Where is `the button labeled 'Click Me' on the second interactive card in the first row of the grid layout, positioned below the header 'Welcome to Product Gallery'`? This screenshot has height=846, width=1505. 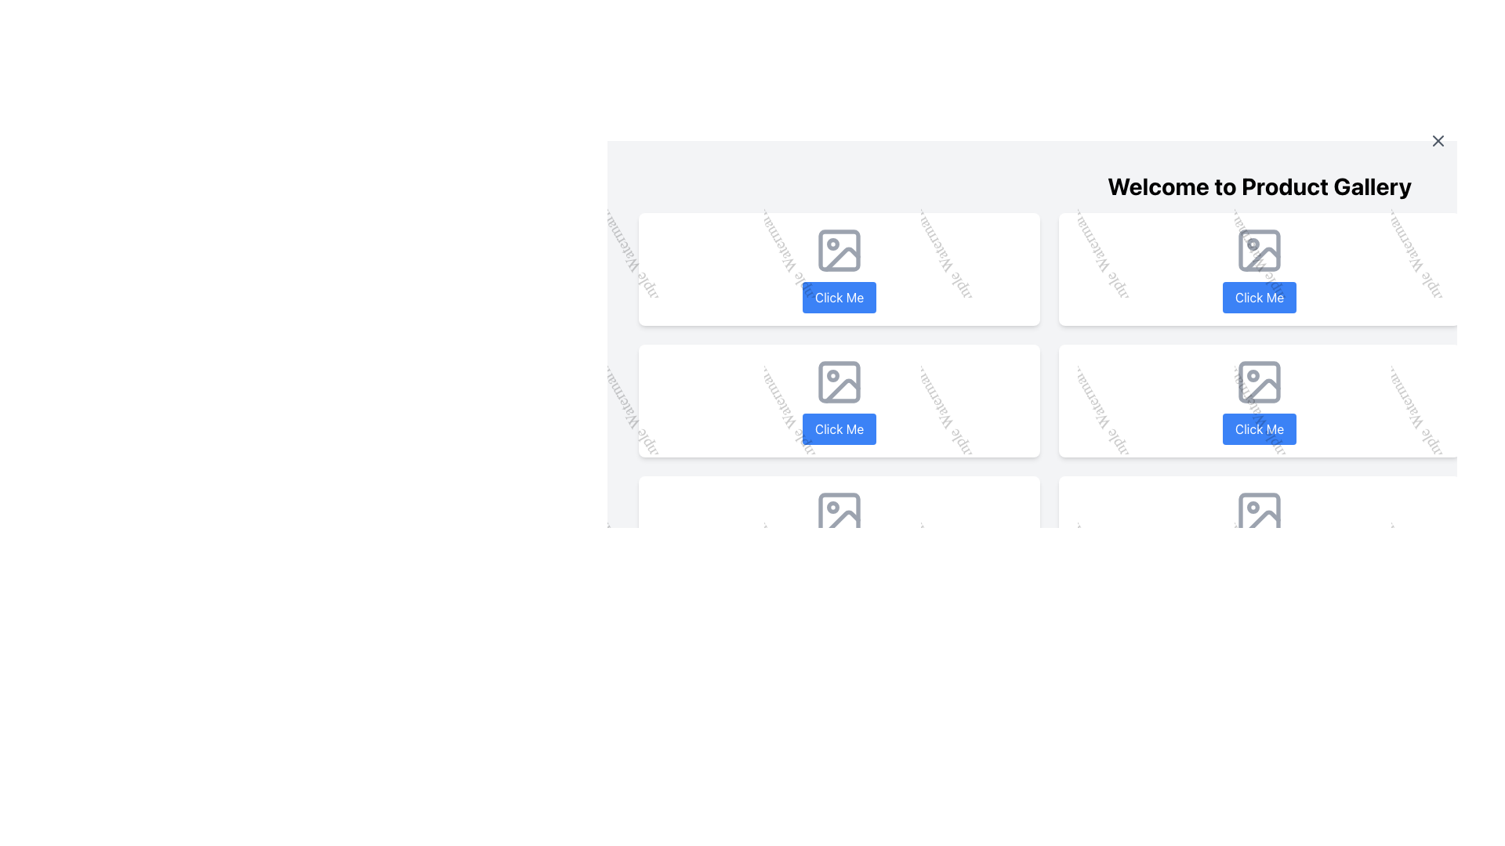
the button labeled 'Click Me' on the second interactive card in the first row of the grid layout, positioned below the header 'Welcome to Product Gallery' is located at coordinates (1260, 268).